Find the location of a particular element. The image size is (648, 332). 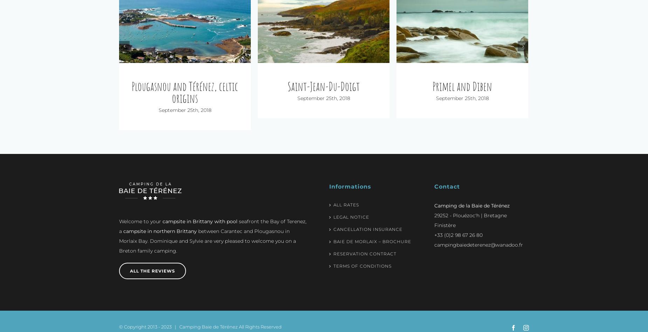

'Castle of Taureau' is located at coordinates (462, 86).